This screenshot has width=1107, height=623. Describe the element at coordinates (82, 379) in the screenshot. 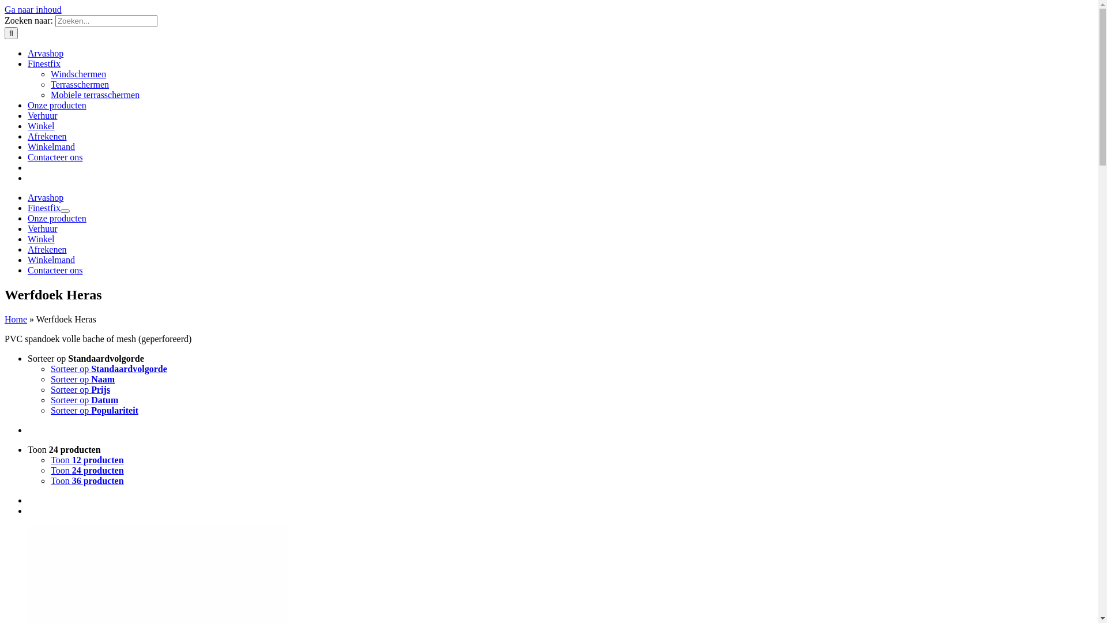

I see `'Sorteer op Naam'` at that location.